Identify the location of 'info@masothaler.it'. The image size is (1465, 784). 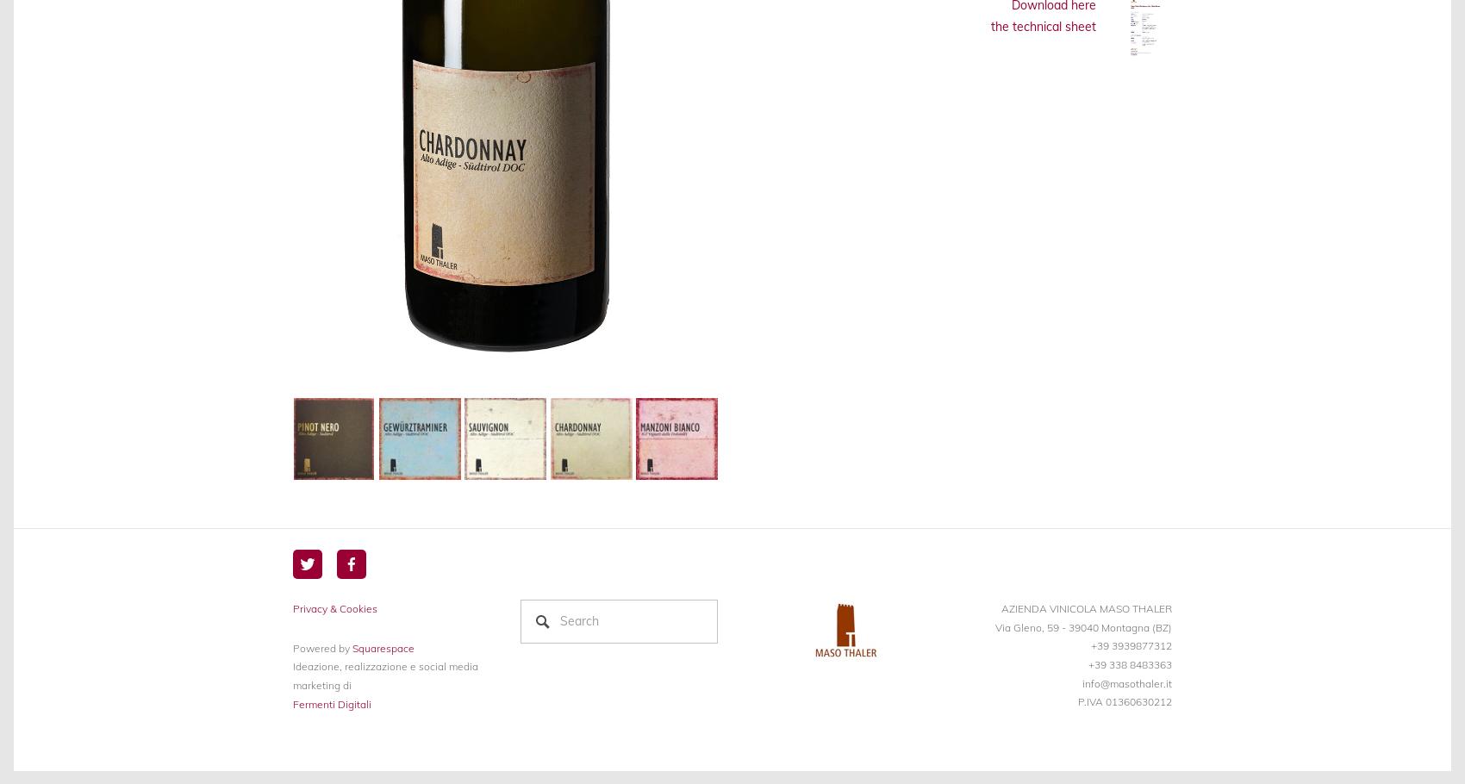
(1126, 681).